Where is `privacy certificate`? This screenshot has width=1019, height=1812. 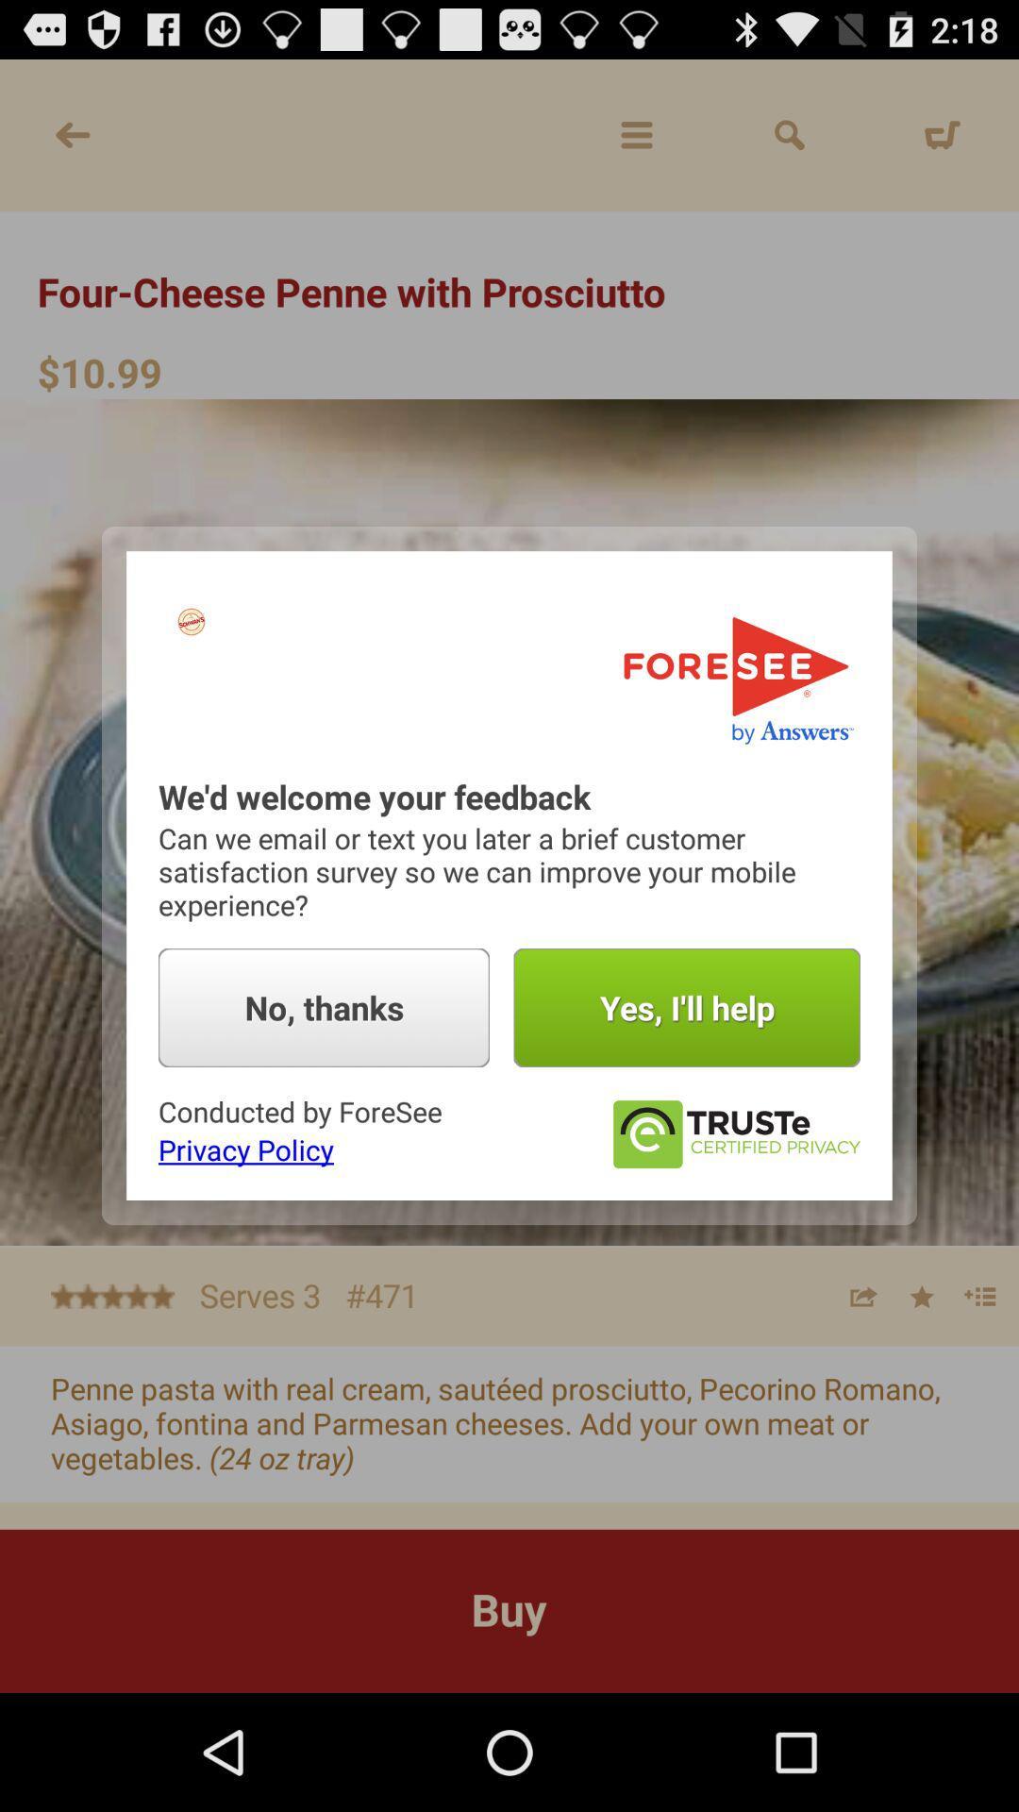
privacy certificate is located at coordinates (734, 1133).